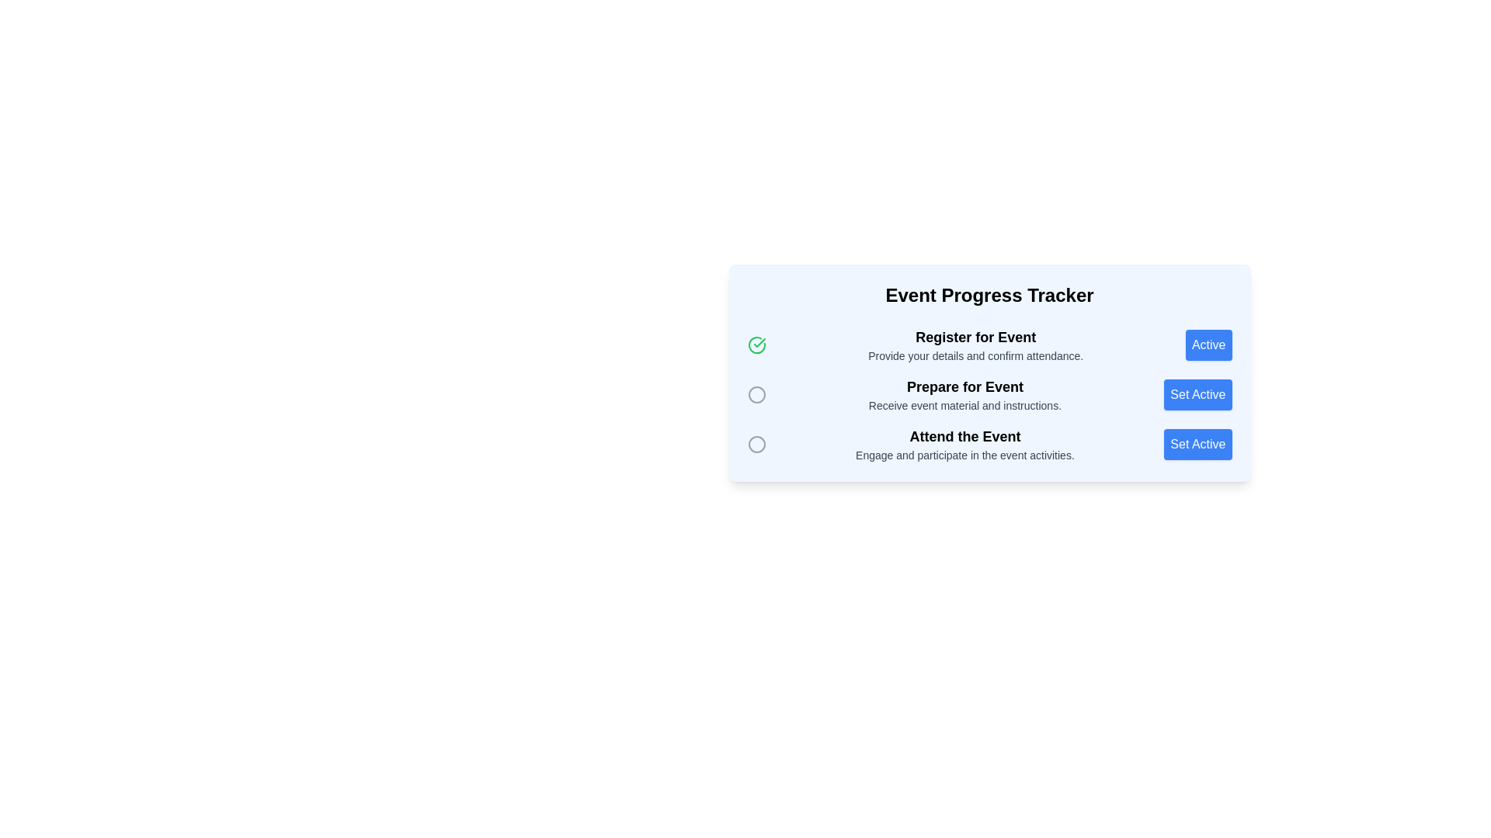 This screenshot has width=1491, height=838. What do you see at coordinates (989, 373) in the screenshot?
I see `the second milestone 'Prepare for Event' in the Event Progress Tracker` at bounding box center [989, 373].